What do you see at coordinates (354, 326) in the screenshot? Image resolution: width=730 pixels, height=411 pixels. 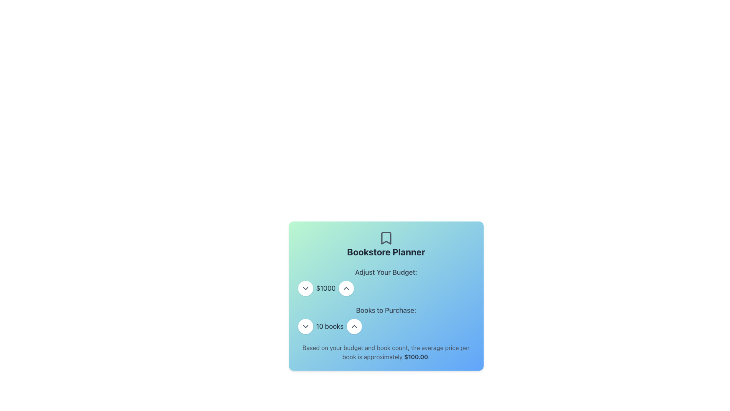 I see `the increment button located in the bottom section of the card interface under 'Books to Purchase', which is positioned directly to the right of the '10 books' text` at bounding box center [354, 326].